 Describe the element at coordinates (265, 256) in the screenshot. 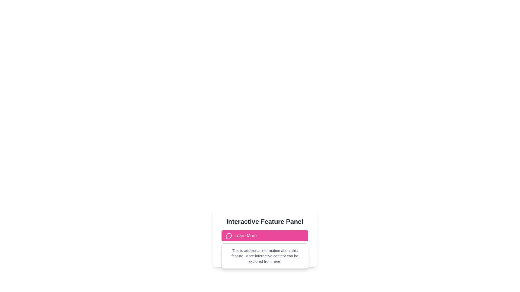

I see `information contained within the informational text box located directly beneath the 'Learn More' button, which provides additional textual information related to the main feature` at that location.